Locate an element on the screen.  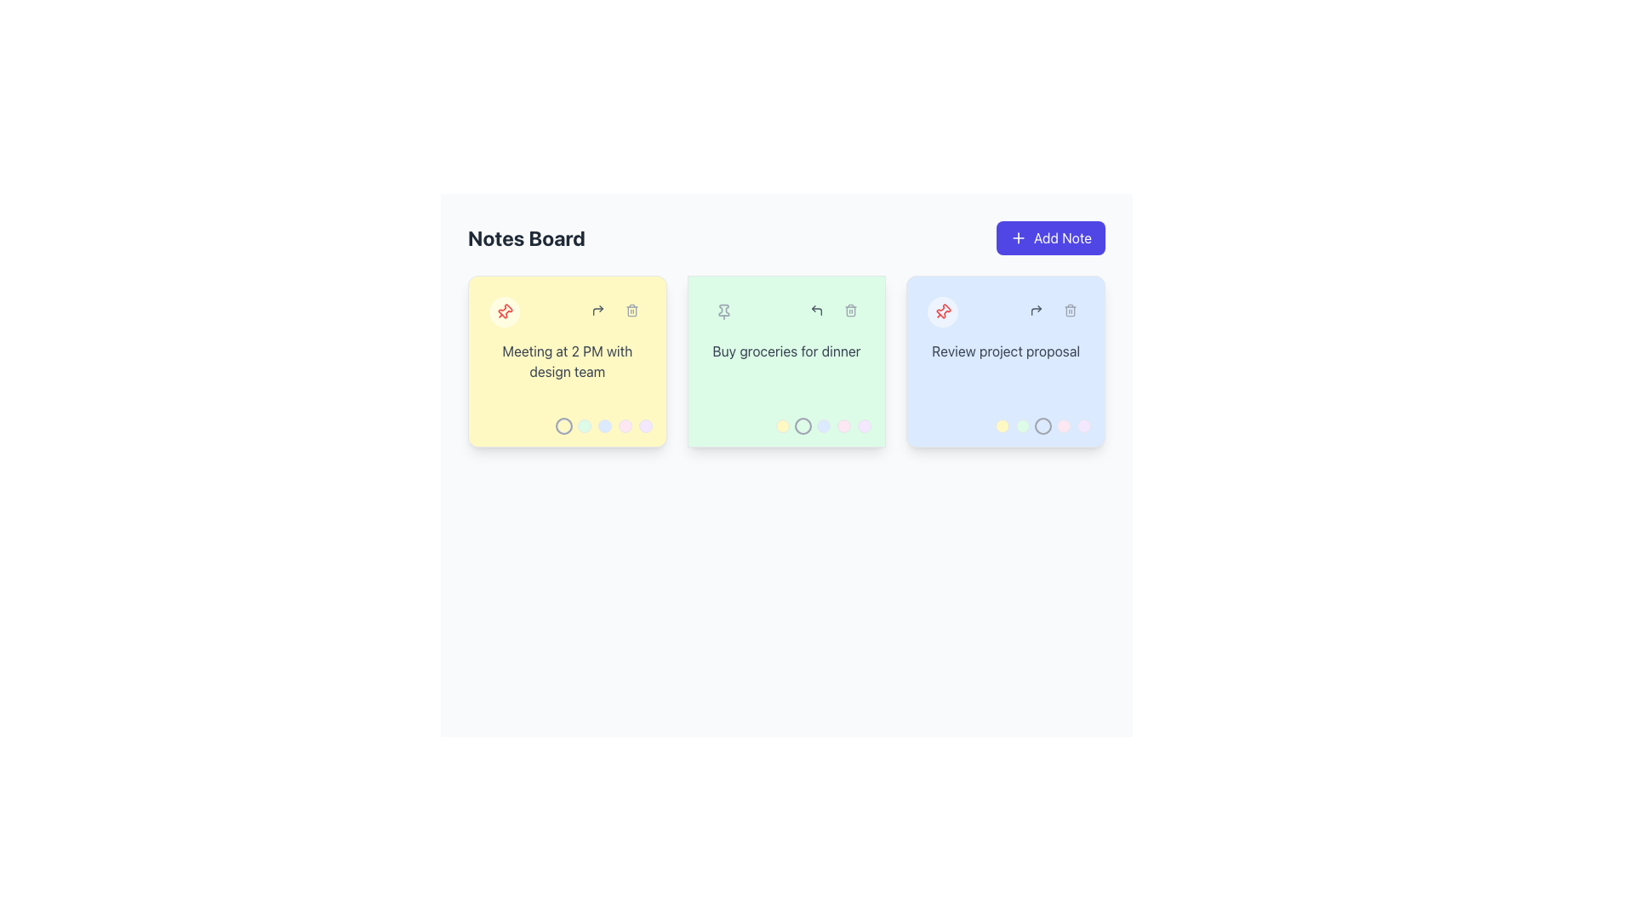
the third selectable button or indicator located in the bottom-right corner of the card labeled 'Buy groceries for dinner' is located at coordinates (824, 425).